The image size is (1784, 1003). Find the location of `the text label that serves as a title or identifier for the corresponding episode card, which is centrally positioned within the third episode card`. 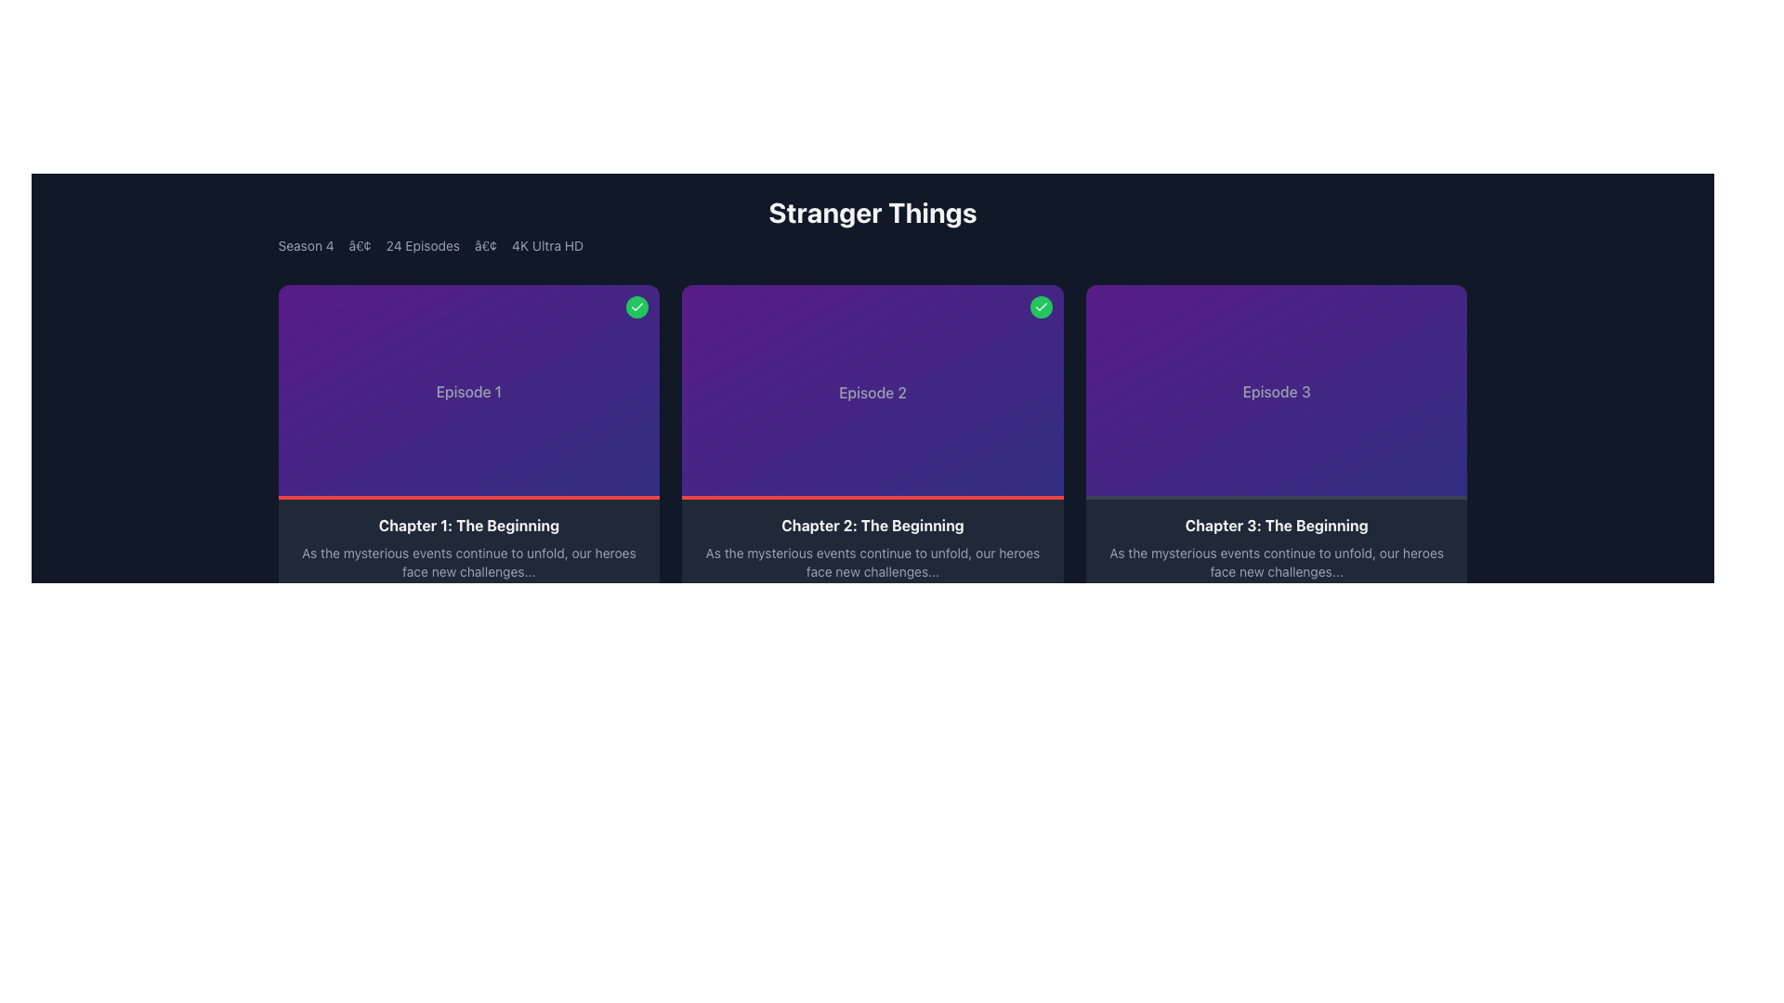

the text label that serves as a title or identifier for the corresponding episode card, which is centrally positioned within the third episode card is located at coordinates (1276, 391).